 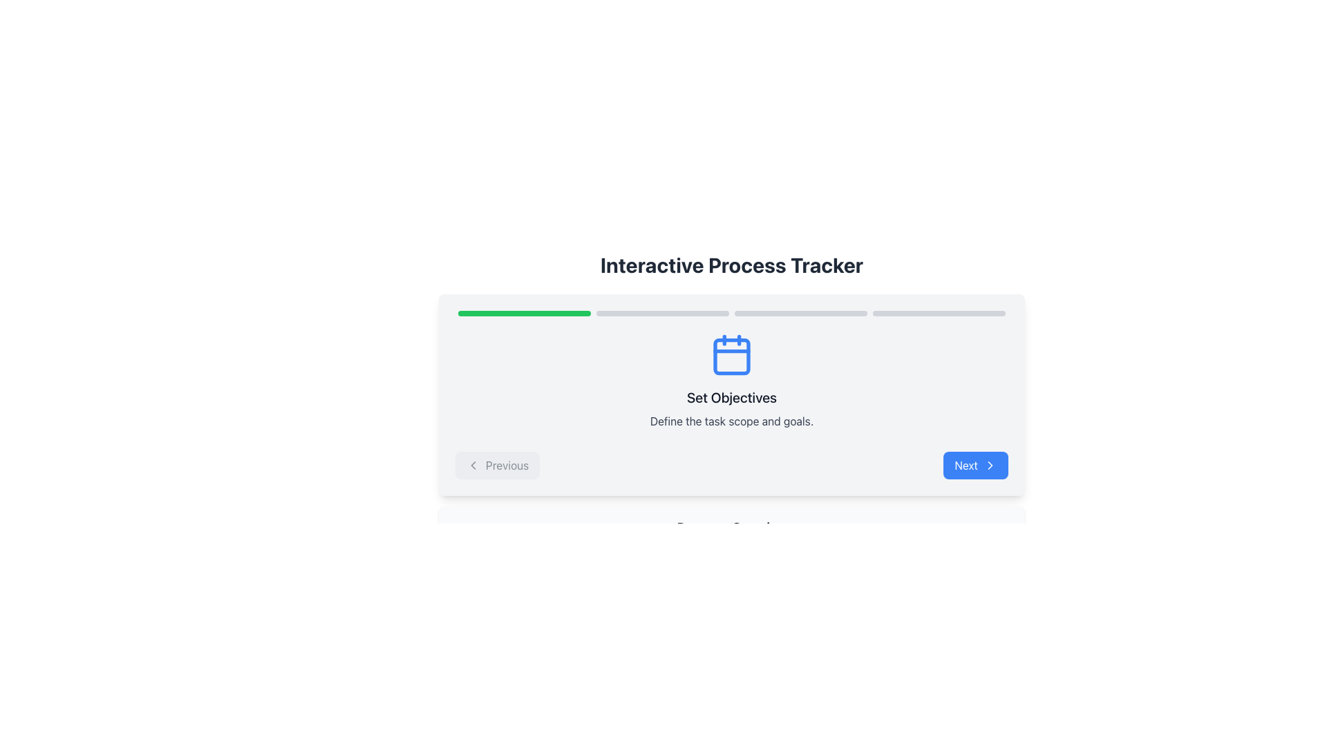 What do you see at coordinates (990, 466) in the screenshot?
I see `the rightward-facing arrow icon that is part of the 'Next' button, located at the bottom-right corner of the card displaying 'Set Objectives'` at bounding box center [990, 466].